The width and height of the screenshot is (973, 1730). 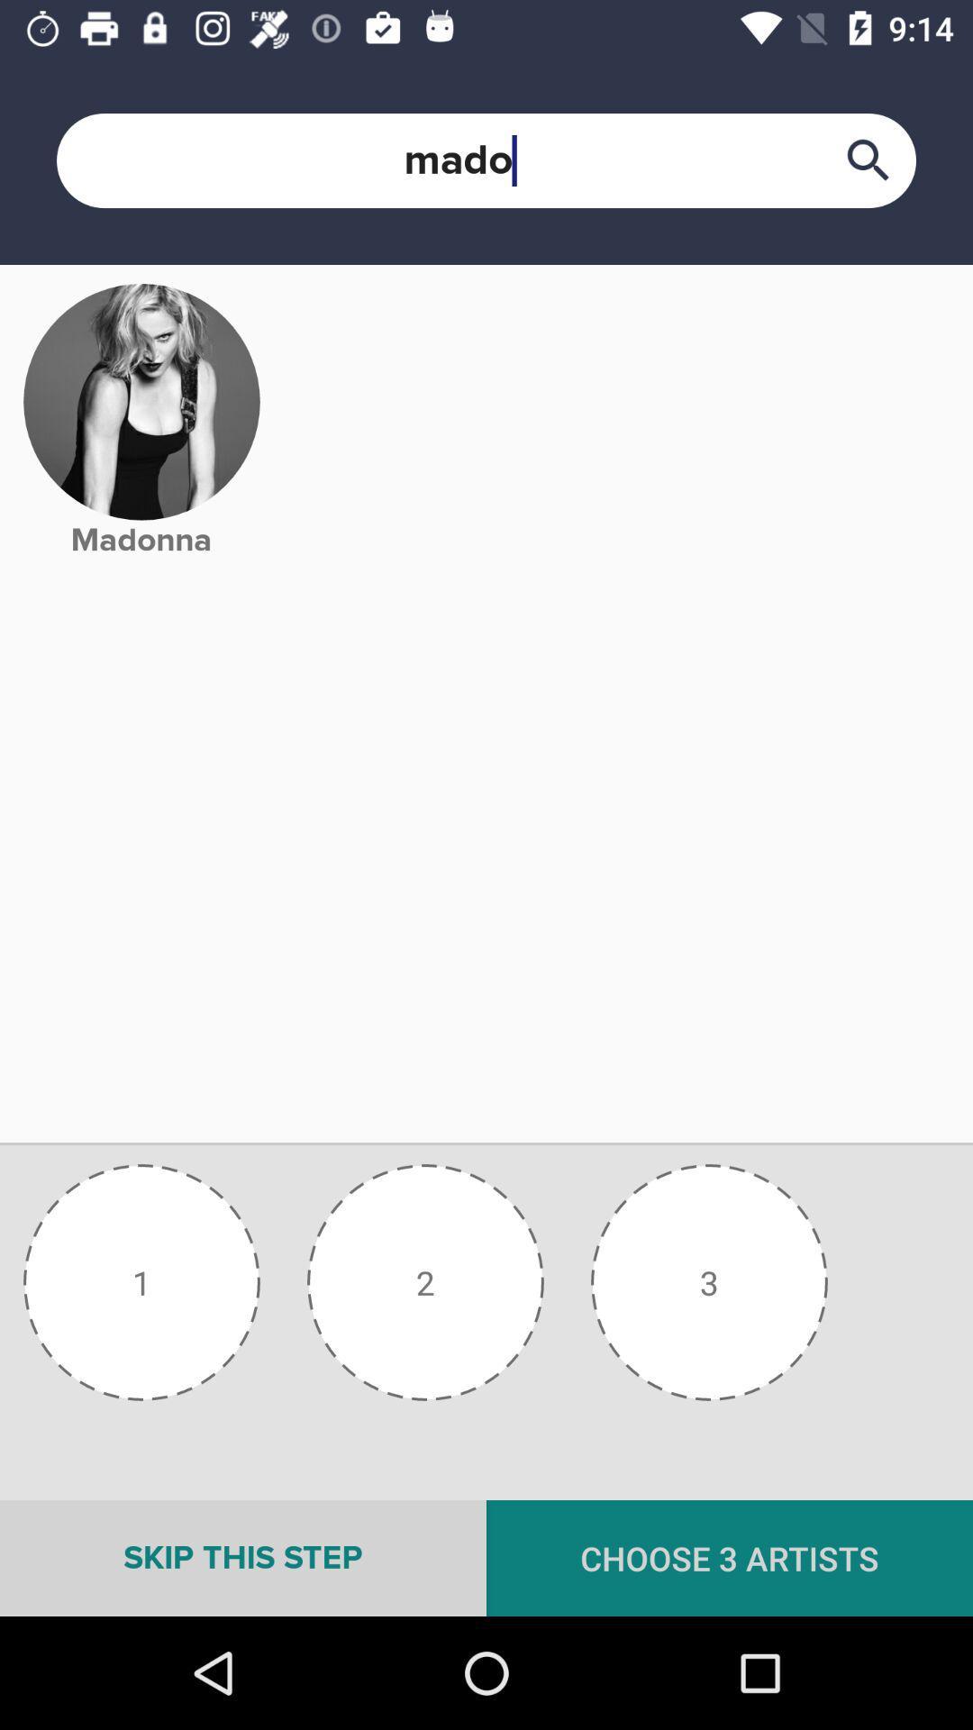 What do you see at coordinates (243, 1557) in the screenshot?
I see `the skip this step` at bounding box center [243, 1557].